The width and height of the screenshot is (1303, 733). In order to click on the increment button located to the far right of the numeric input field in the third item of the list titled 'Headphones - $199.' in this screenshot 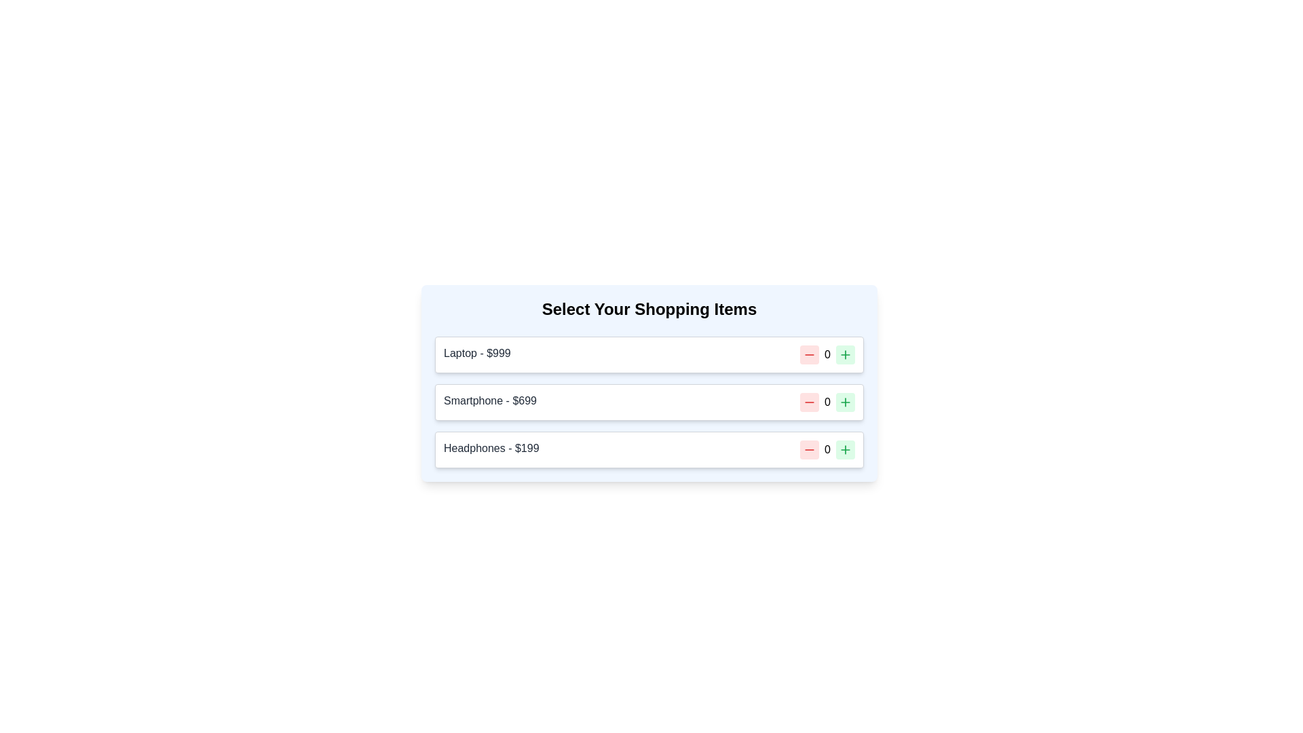, I will do `click(845, 450)`.